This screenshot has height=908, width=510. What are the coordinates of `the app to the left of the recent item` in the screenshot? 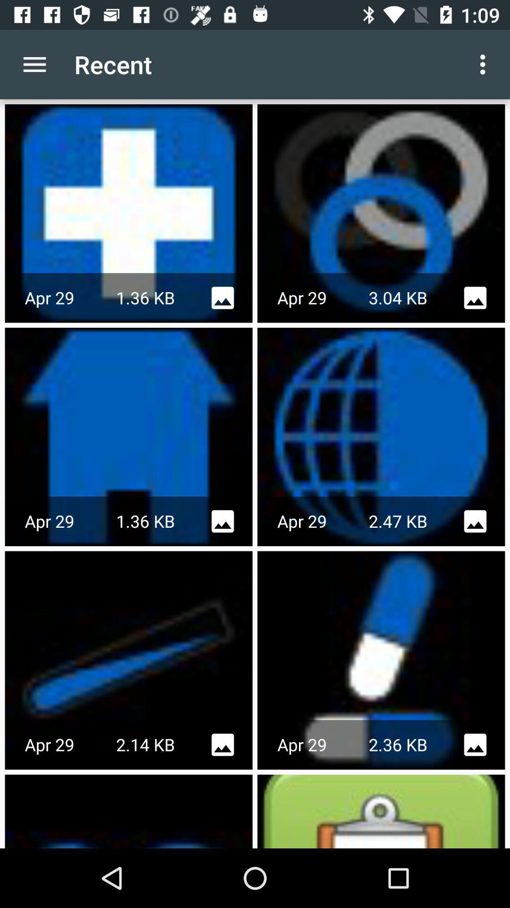 It's located at (34, 64).